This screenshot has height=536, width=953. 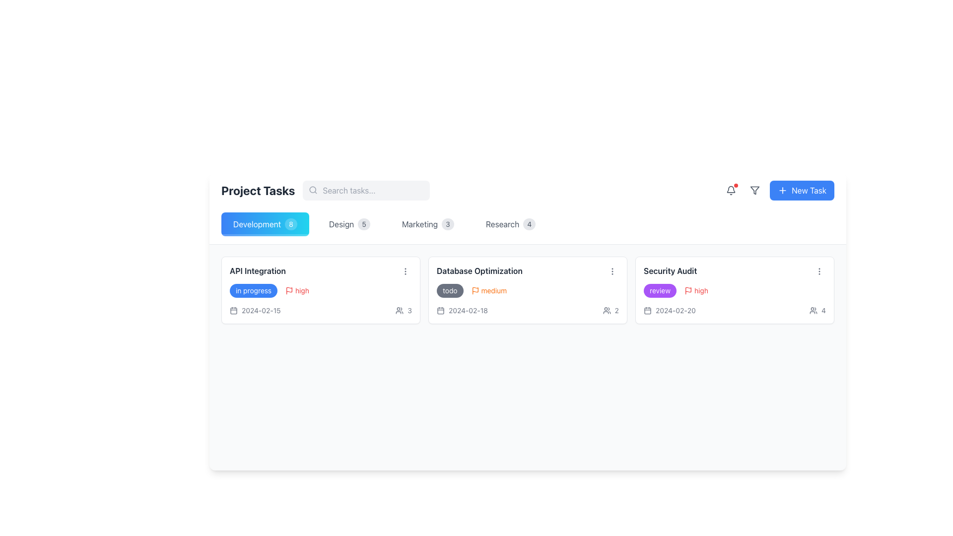 I want to click on value '5' displayed on the badge indicating the number of tasks in the 'Design' category, which is positioned to the right of the 'Design' label in the 'Project Tasks' section, so click(x=363, y=224).